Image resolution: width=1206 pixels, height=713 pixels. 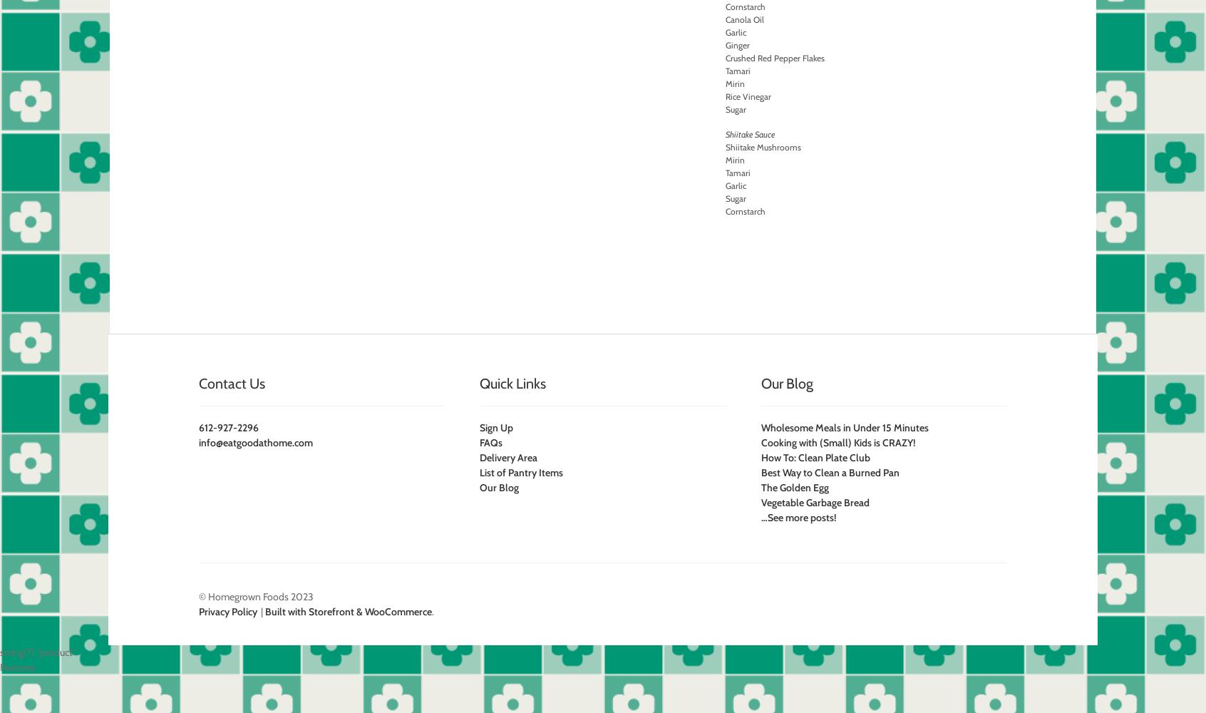 What do you see at coordinates (828, 473) in the screenshot?
I see `'Best Way to Clean a Burned Pan'` at bounding box center [828, 473].